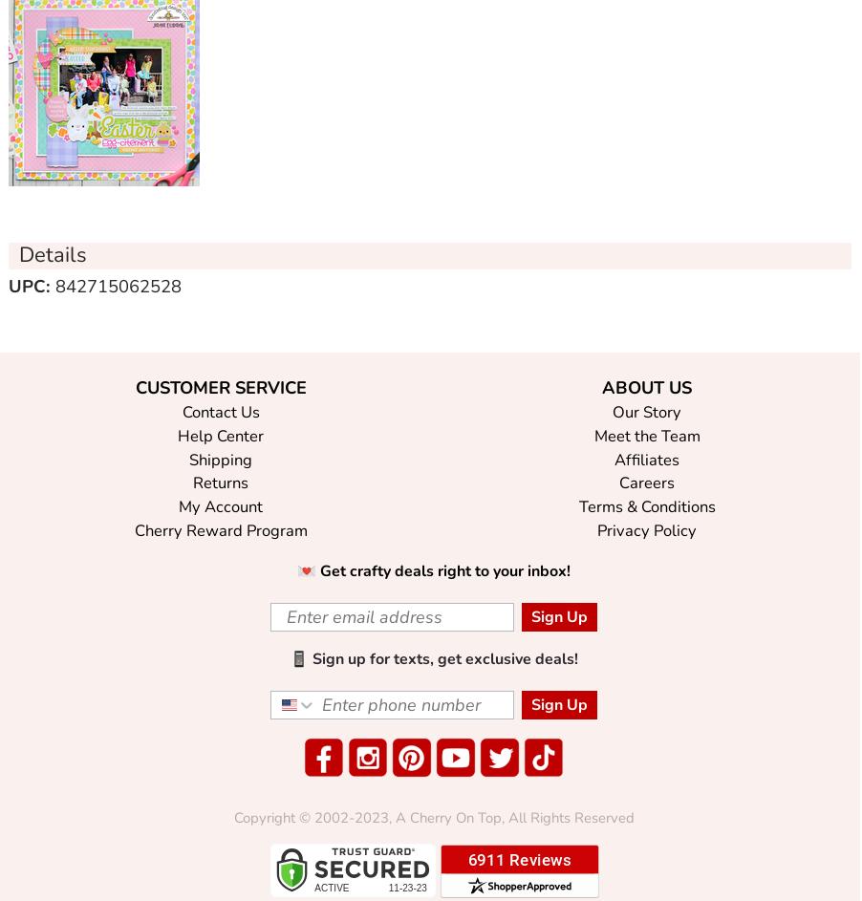  Describe the element at coordinates (432, 657) in the screenshot. I see `'📱 Sign up for texts, get exclusive deals!'` at that location.